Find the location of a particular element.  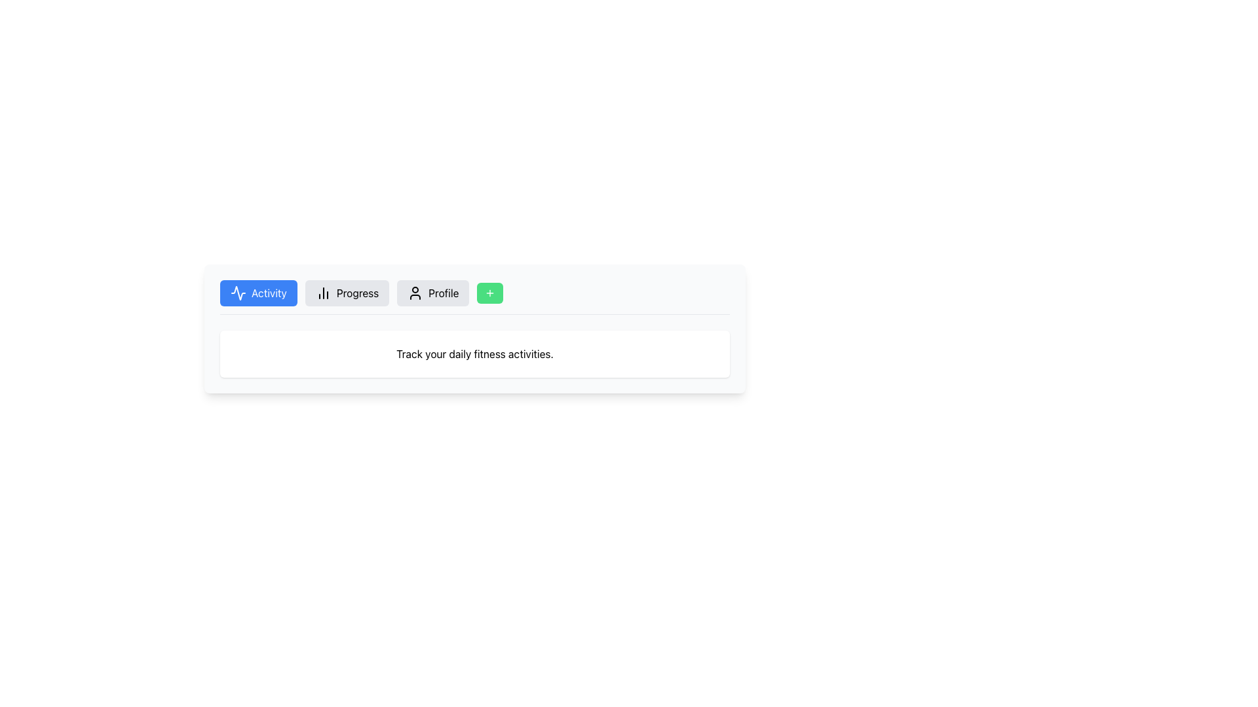

the text block element that contains the message 'Track your daily fitness activities.' which is located beneath the buttons 'Activity', 'Progress', and 'Profile' is located at coordinates (474, 353).